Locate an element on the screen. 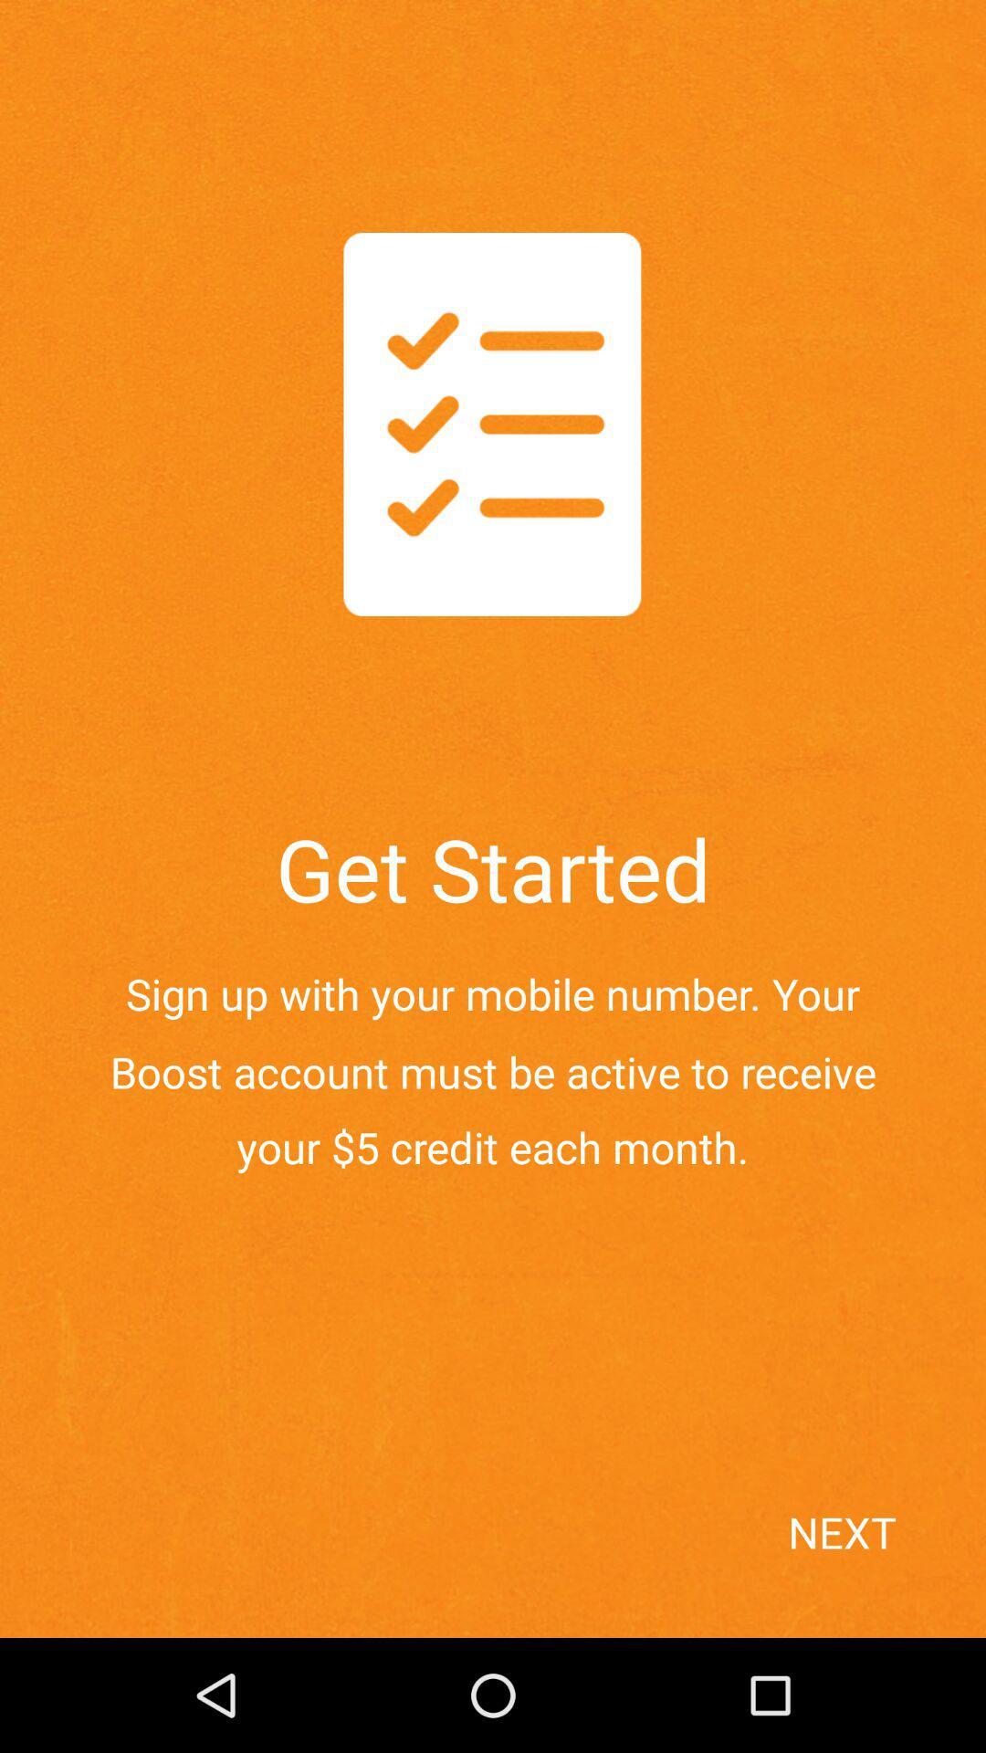 The height and width of the screenshot is (1753, 986). the icon below the sign up with app is located at coordinates (879, 1564).